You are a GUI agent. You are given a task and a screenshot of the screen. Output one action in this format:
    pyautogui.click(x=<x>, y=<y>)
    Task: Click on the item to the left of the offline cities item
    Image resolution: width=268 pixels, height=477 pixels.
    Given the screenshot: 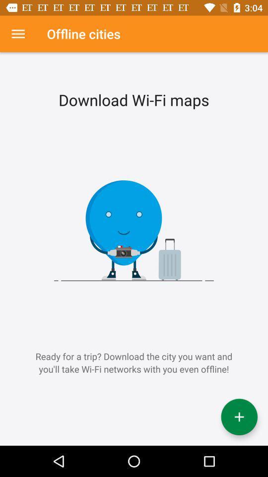 What is the action you would take?
    pyautogui.click(x=18, y=34)
    